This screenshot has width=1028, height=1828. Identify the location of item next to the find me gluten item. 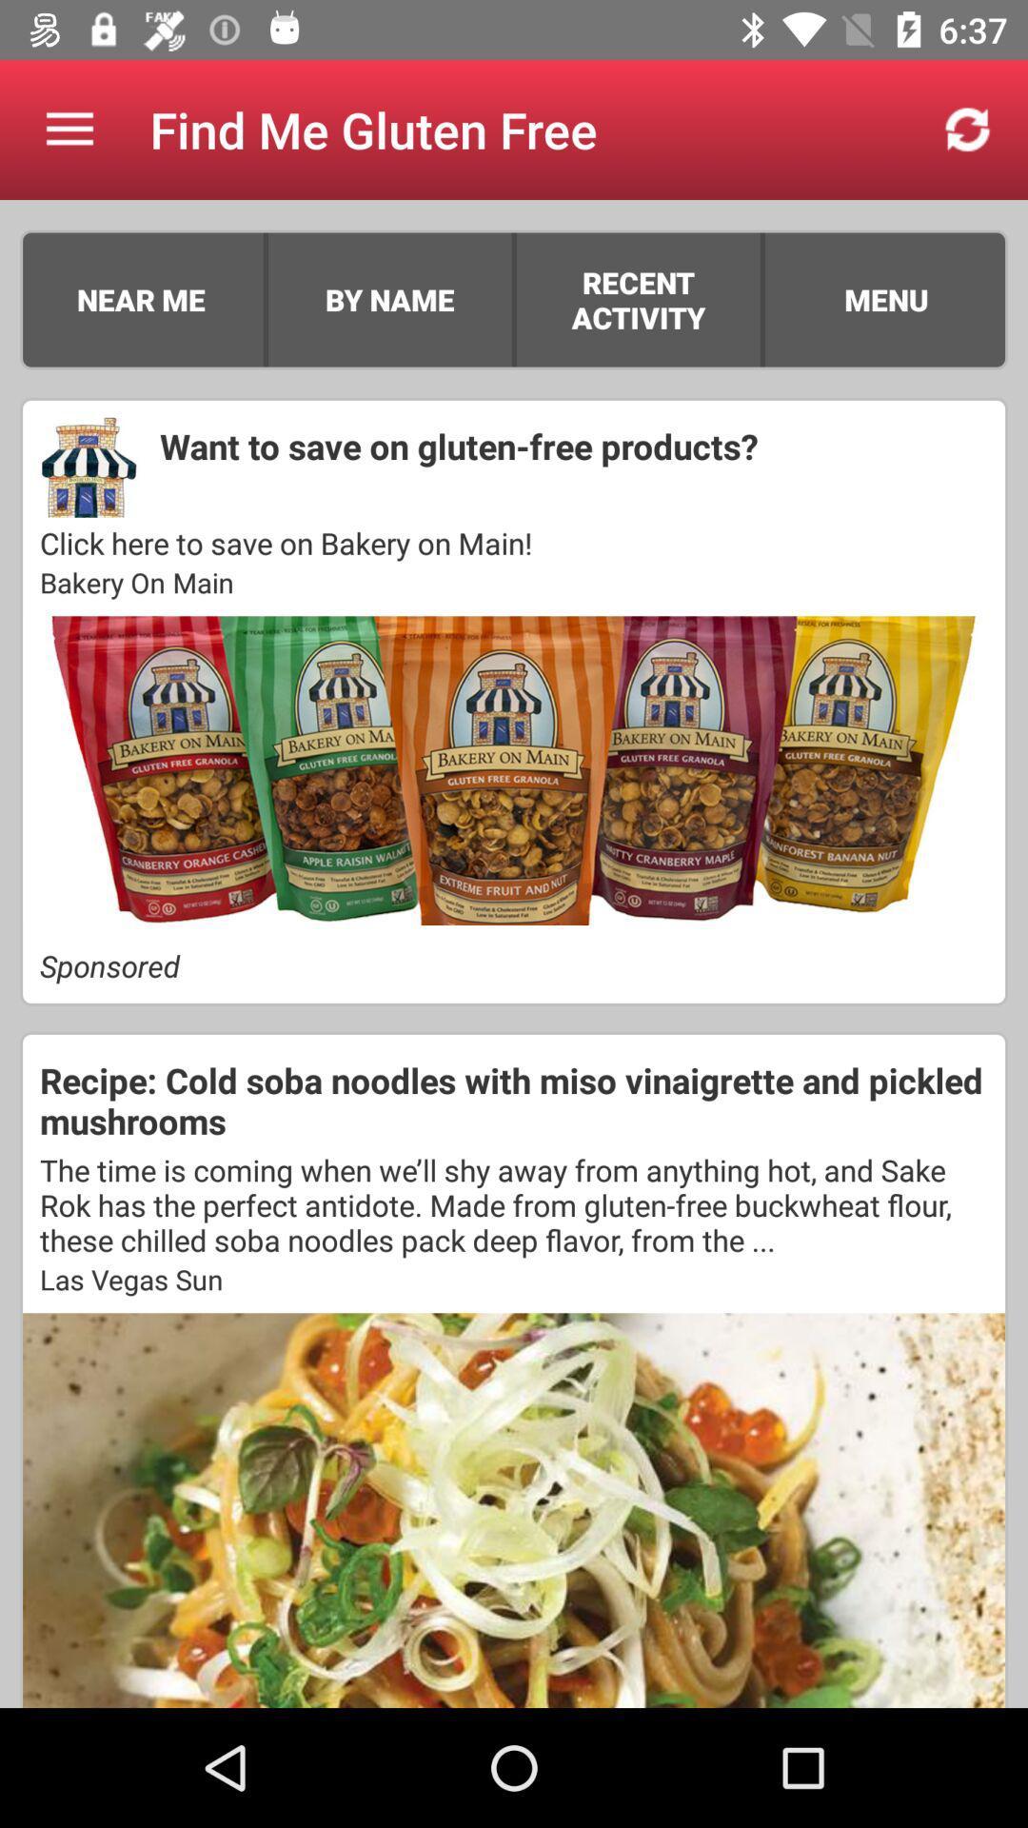
(69, 129).